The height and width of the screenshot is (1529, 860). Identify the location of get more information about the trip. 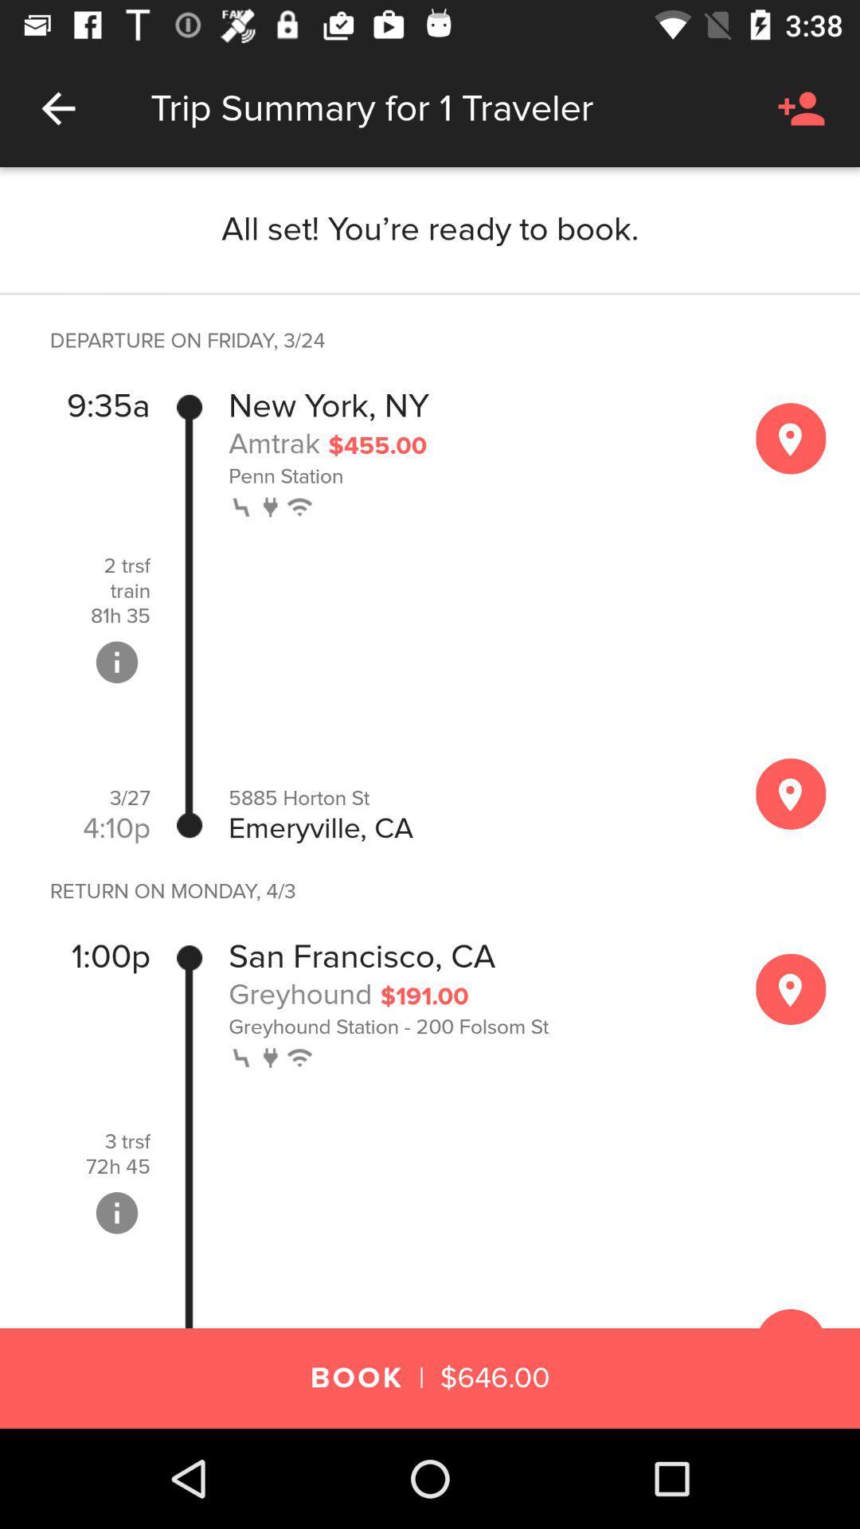
(115, 1212).